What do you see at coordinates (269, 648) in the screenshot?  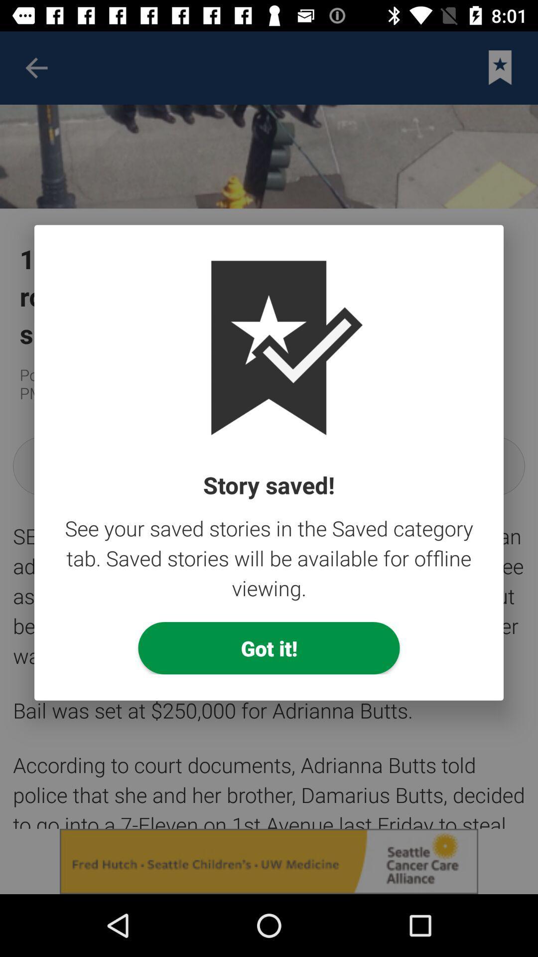 I see `the got it!` at bounding box center [269, 648].